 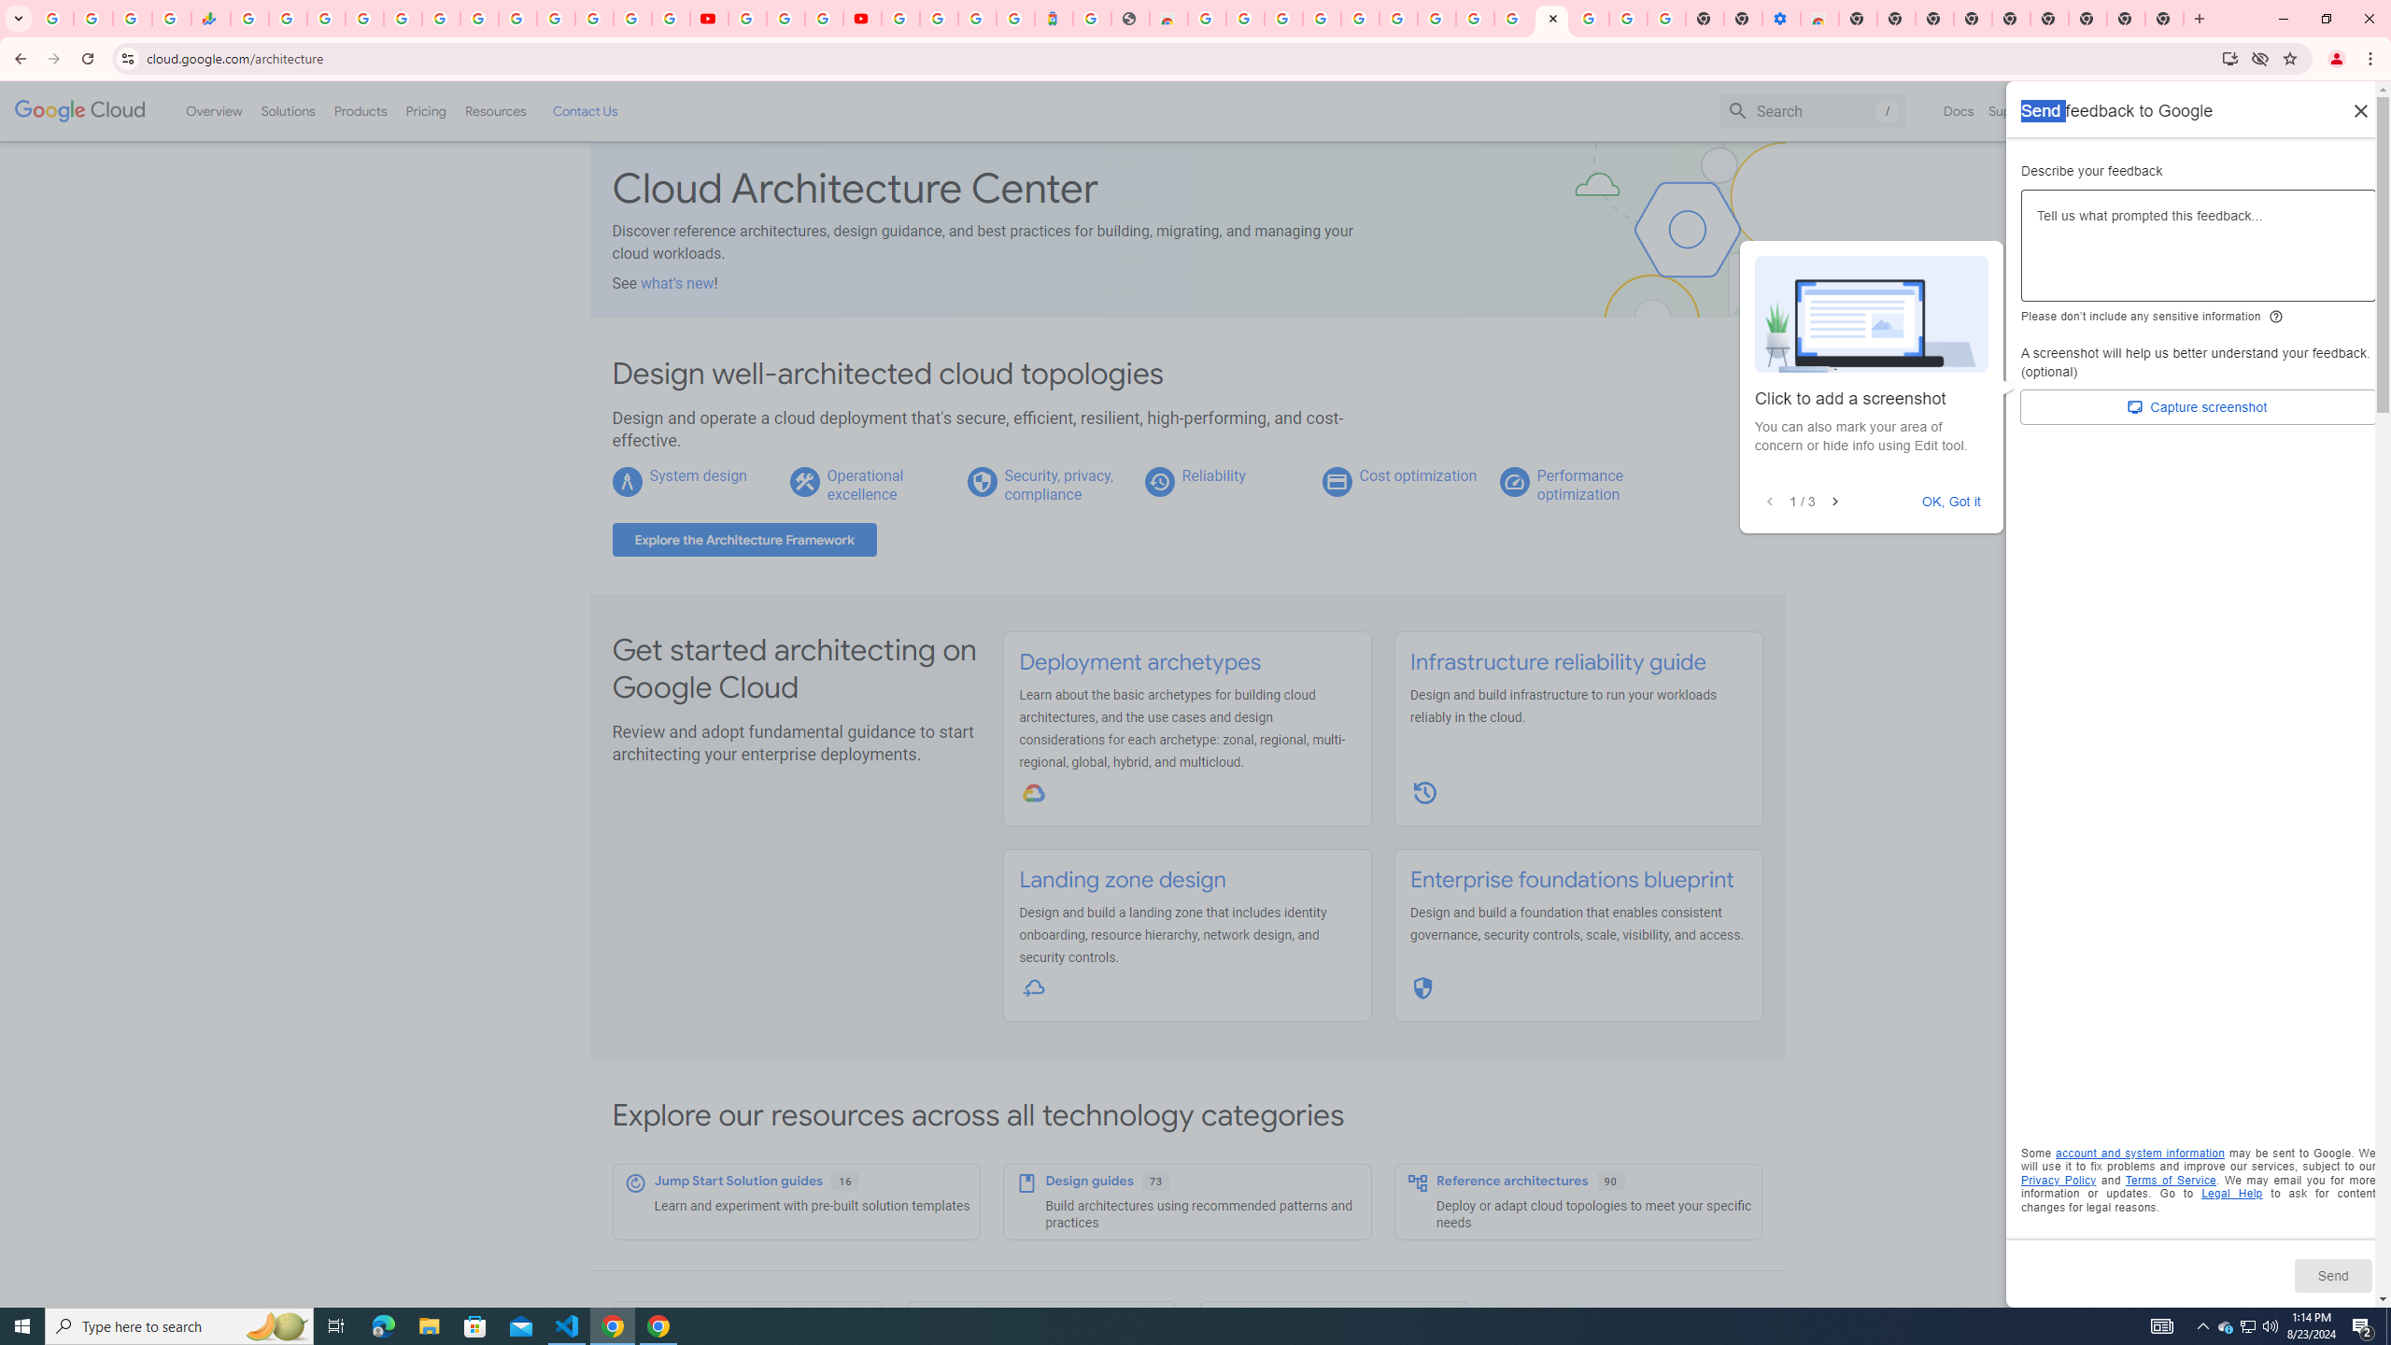 I want to click on 'Settings - Accessibility', so click(x=1781, y=18).